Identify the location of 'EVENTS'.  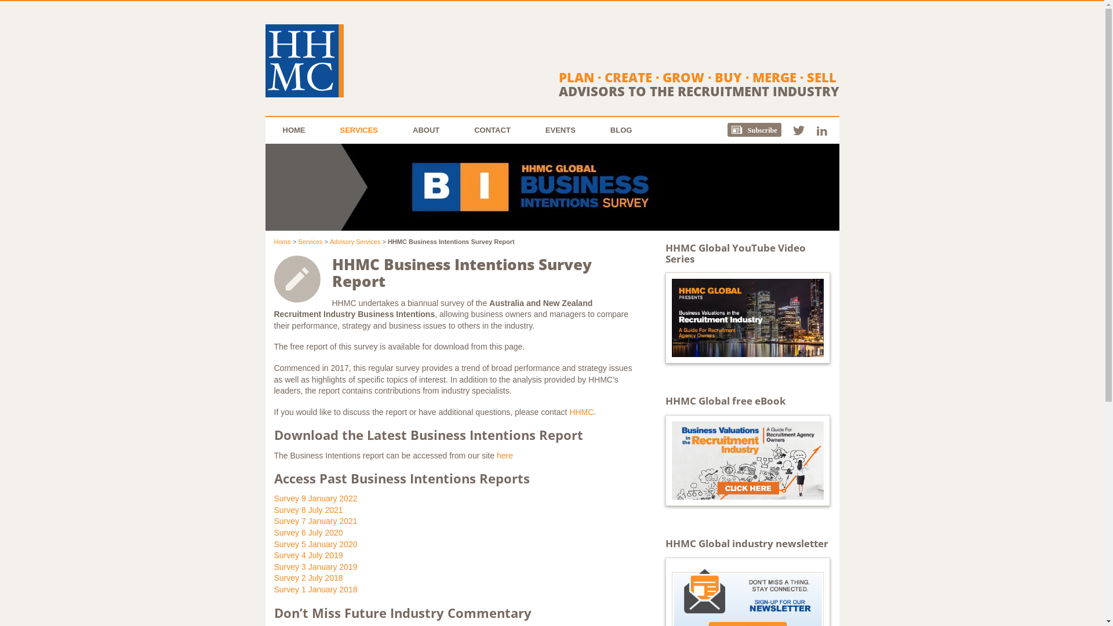
(560, 130).